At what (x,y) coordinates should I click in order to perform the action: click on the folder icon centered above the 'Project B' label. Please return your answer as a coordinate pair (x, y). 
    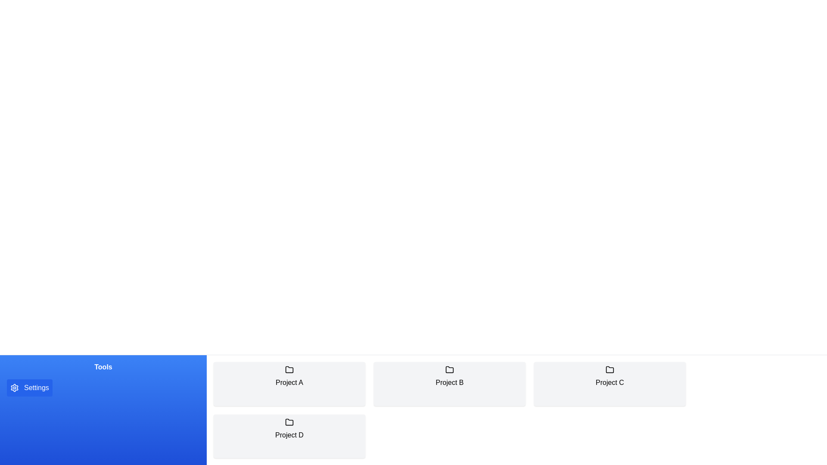
    Looking at the image, I should click on (449, 369).